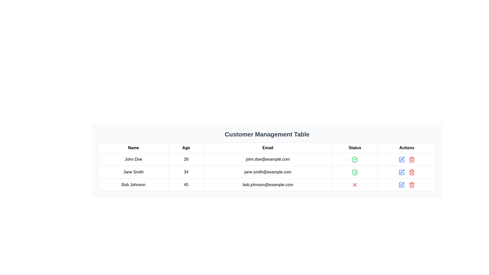 The width and height of the screenshot is (489, 275). What do you see at coordinates (355, 158) in the screenshot?
I see `the center of the checkmark icon representing the completed status for user 'Jane Smith' in the Customer Management Table's Status column` at bounding box center [355, 158].